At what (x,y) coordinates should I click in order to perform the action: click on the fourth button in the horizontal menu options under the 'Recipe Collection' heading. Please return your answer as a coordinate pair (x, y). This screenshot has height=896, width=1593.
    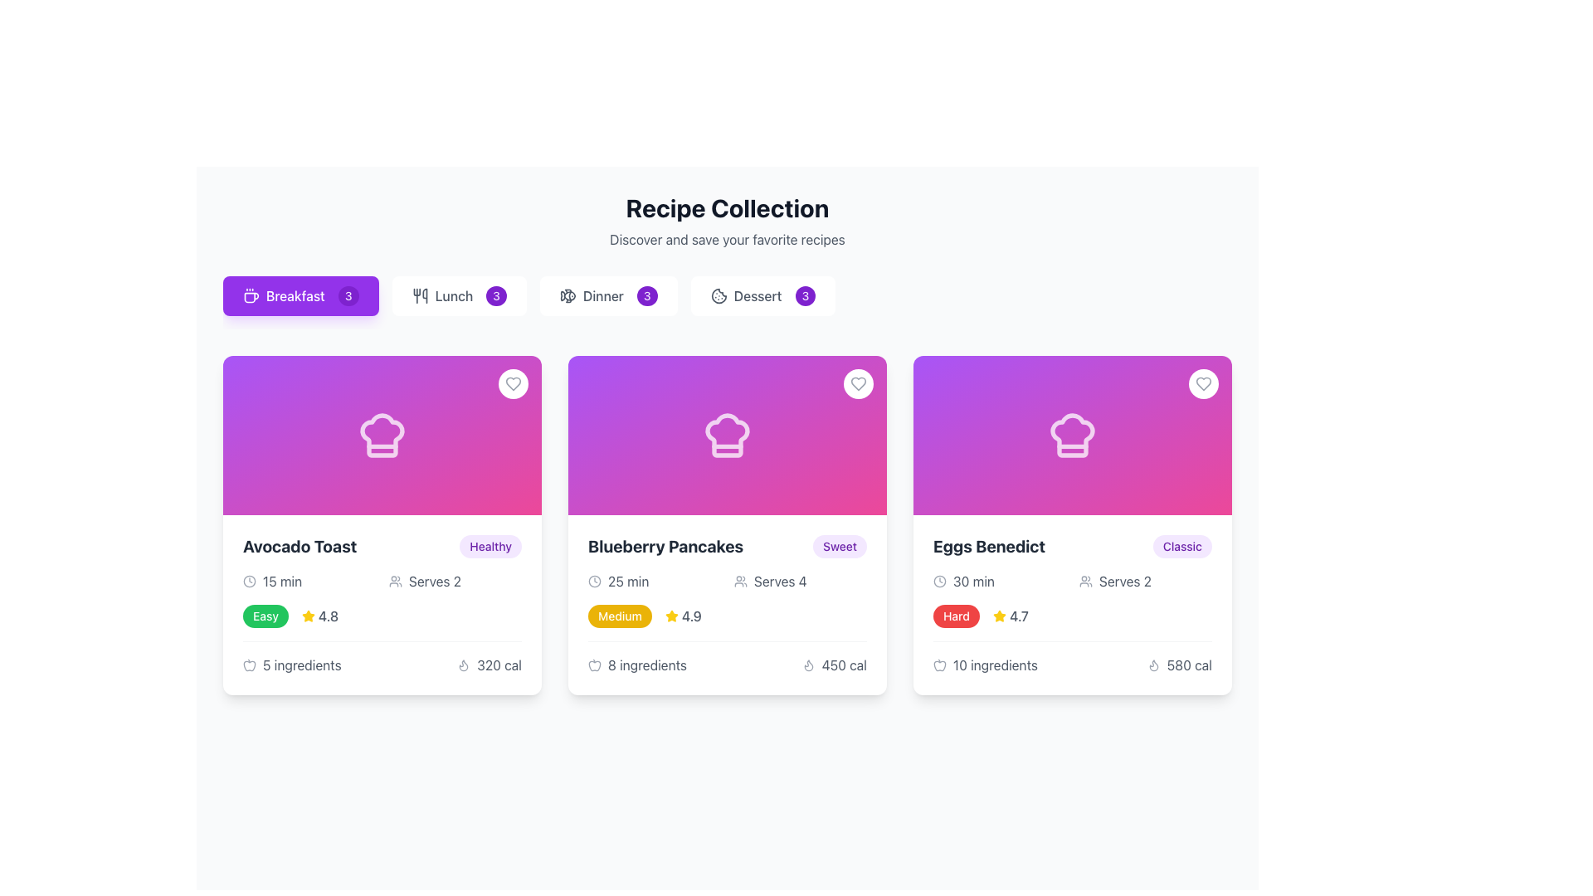
    Looking at the image, I should click on (728, 303).